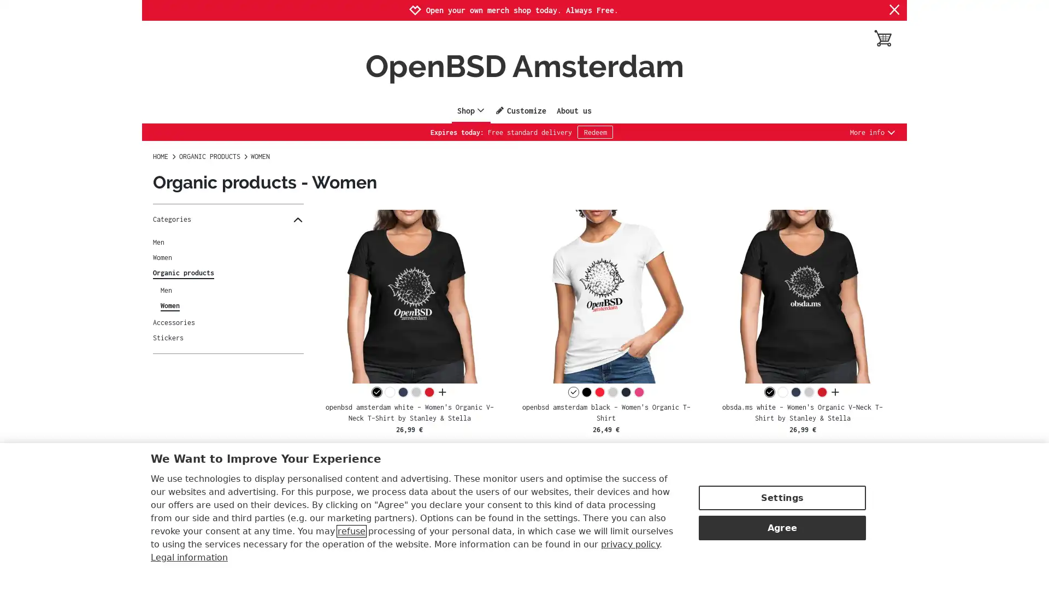  I want to click on red, so click(822, 392).